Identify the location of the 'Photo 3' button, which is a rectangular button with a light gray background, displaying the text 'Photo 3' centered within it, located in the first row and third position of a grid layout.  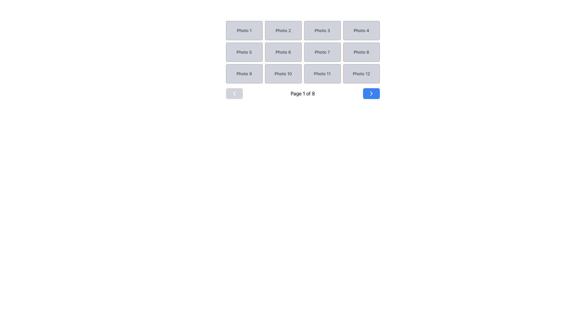
(322, 30).